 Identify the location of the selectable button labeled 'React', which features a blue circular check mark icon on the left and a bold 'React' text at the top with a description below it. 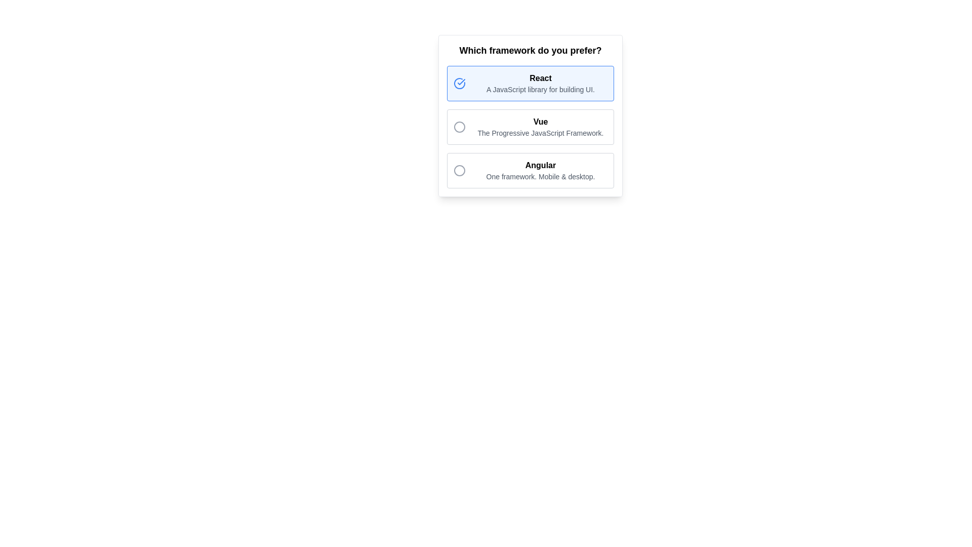
(530, 83).